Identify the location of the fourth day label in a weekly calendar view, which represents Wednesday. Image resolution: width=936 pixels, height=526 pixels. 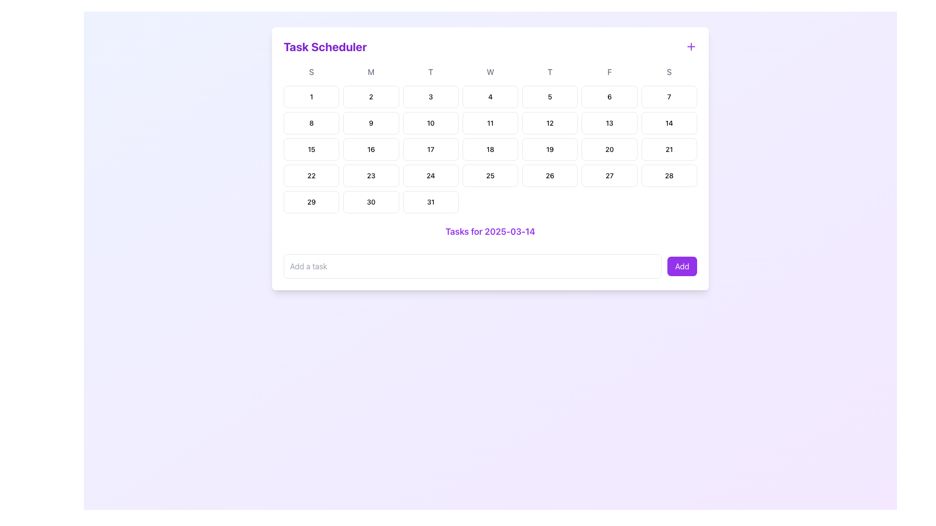
(490, 71).